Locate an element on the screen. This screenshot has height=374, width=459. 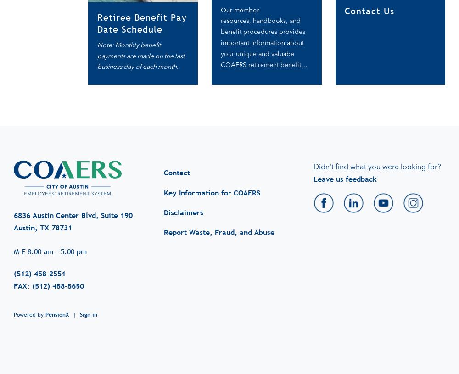
'PensionX' is located at coordinates (45, 304).